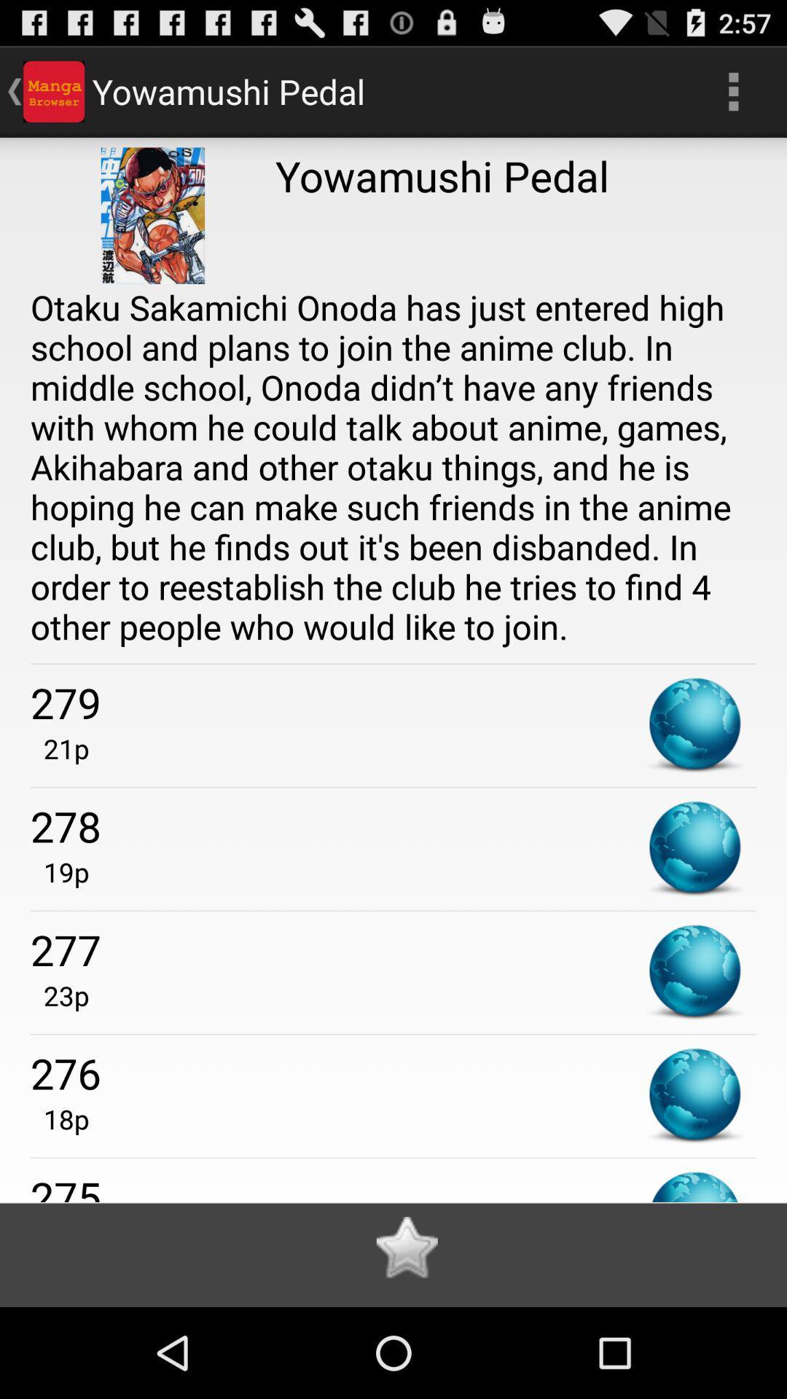 This screenshot has height=1399, width=787. I want to click on app above the   19p, so click(393, 826).